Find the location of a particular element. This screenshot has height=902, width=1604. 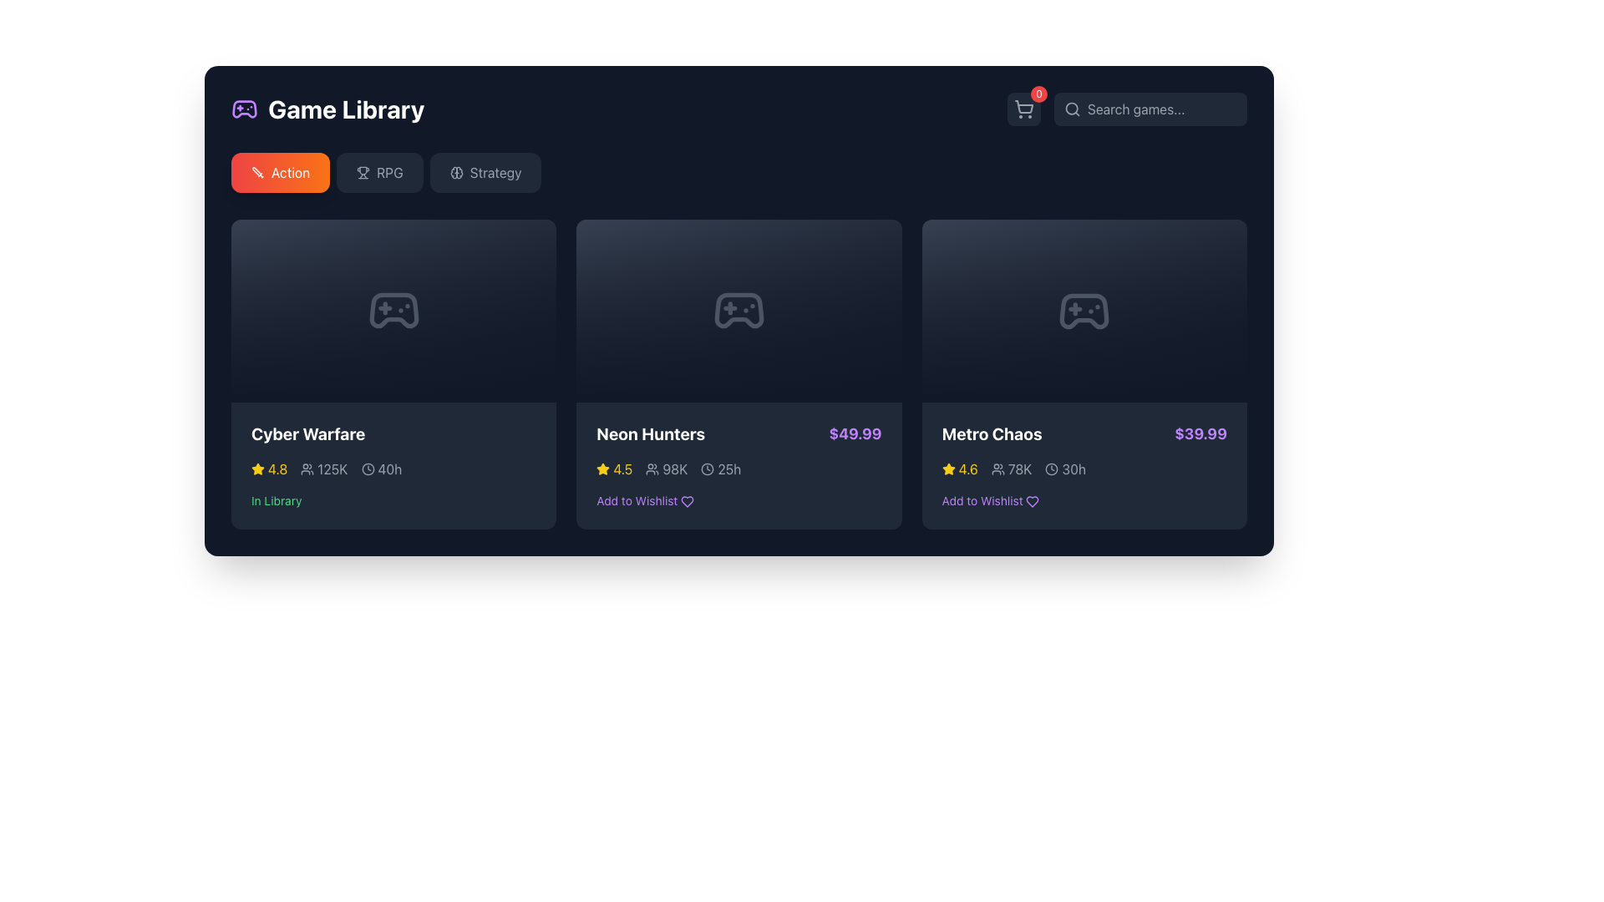

the static label displaying the price information for the game 'Neon Hunters', located on the right side within its card, aligned horizontally with its title is located at coordinates (855, 433).